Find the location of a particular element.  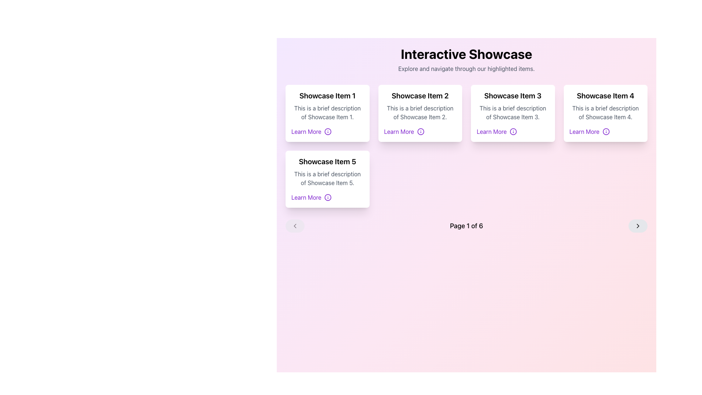

text of the text label styled in large, bold font that displays 'Showcase Item 2,' located prominently above the description of the showcase item inside its card is located at coordinates (420, 95).